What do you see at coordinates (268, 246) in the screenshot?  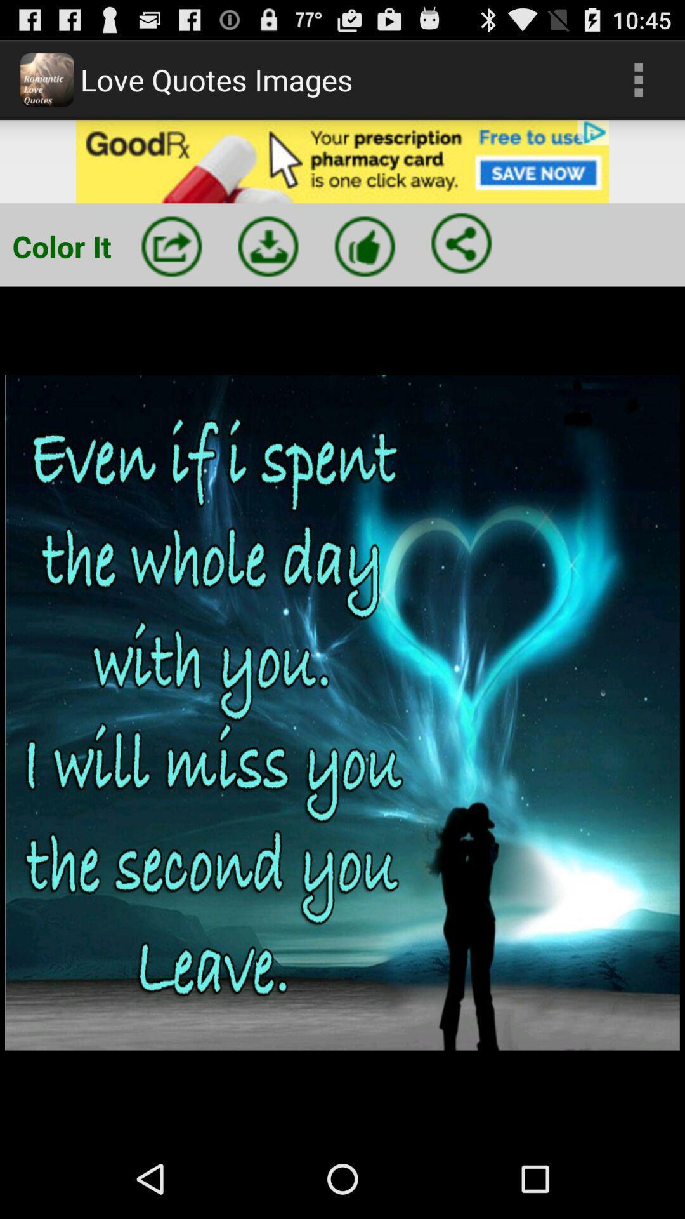 I see `archive button` at bounding box center [268, 246].